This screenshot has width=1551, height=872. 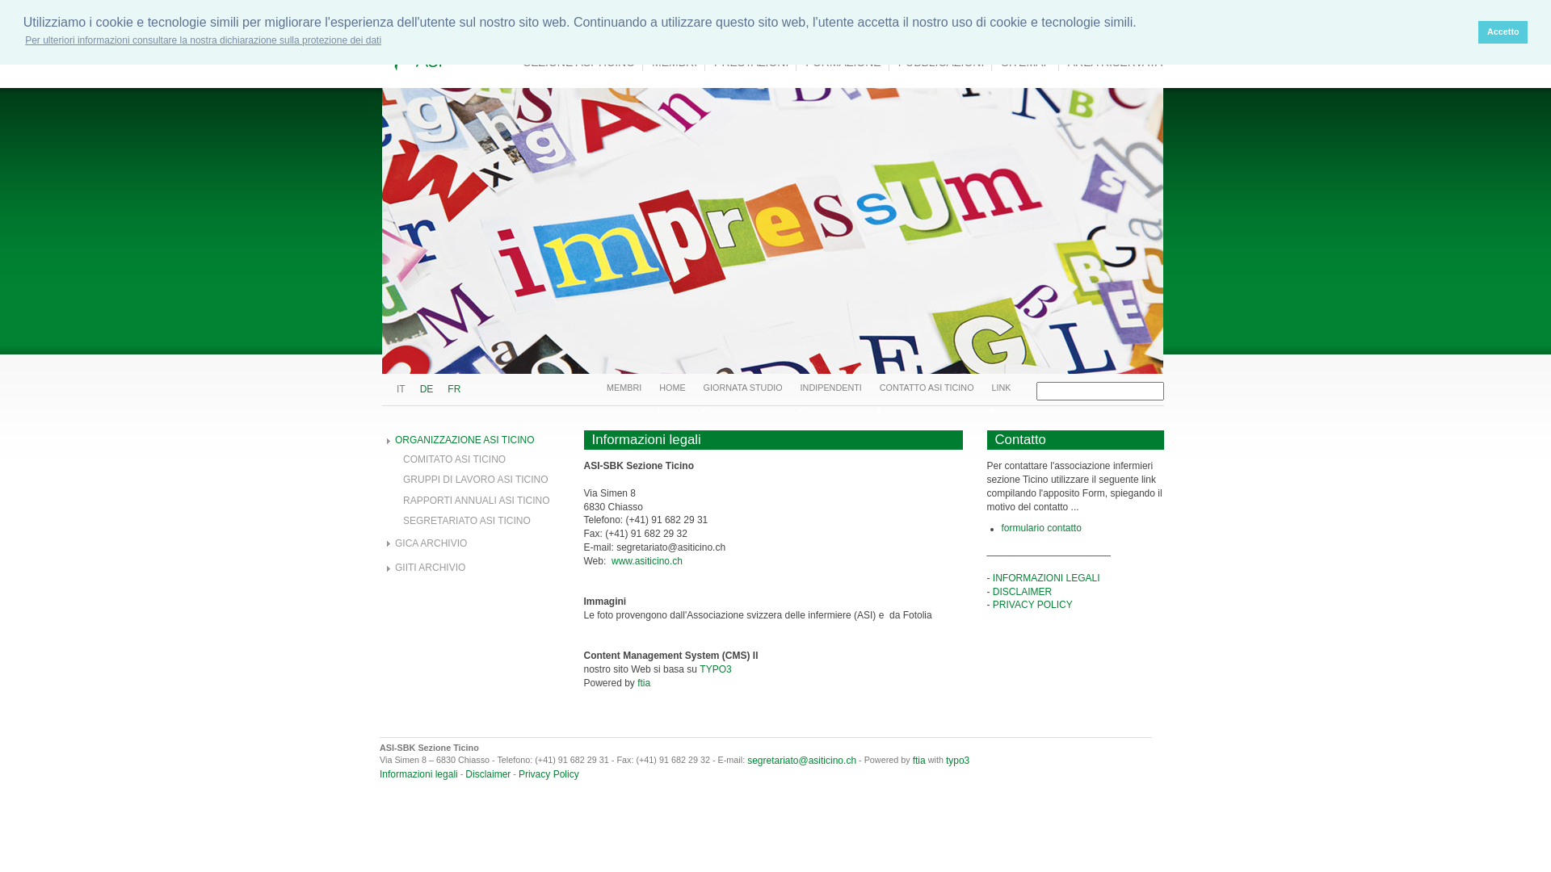 I want to click on 'FORMAZIONE', so click(x=842, y=61).